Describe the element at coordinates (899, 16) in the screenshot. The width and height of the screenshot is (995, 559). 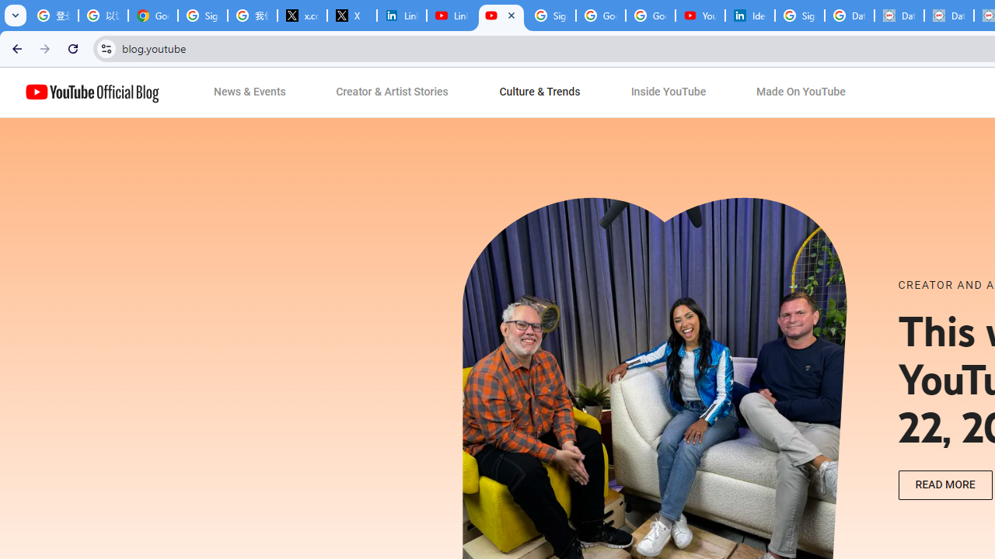
I see `'Data Privacy Framework'` at that location.